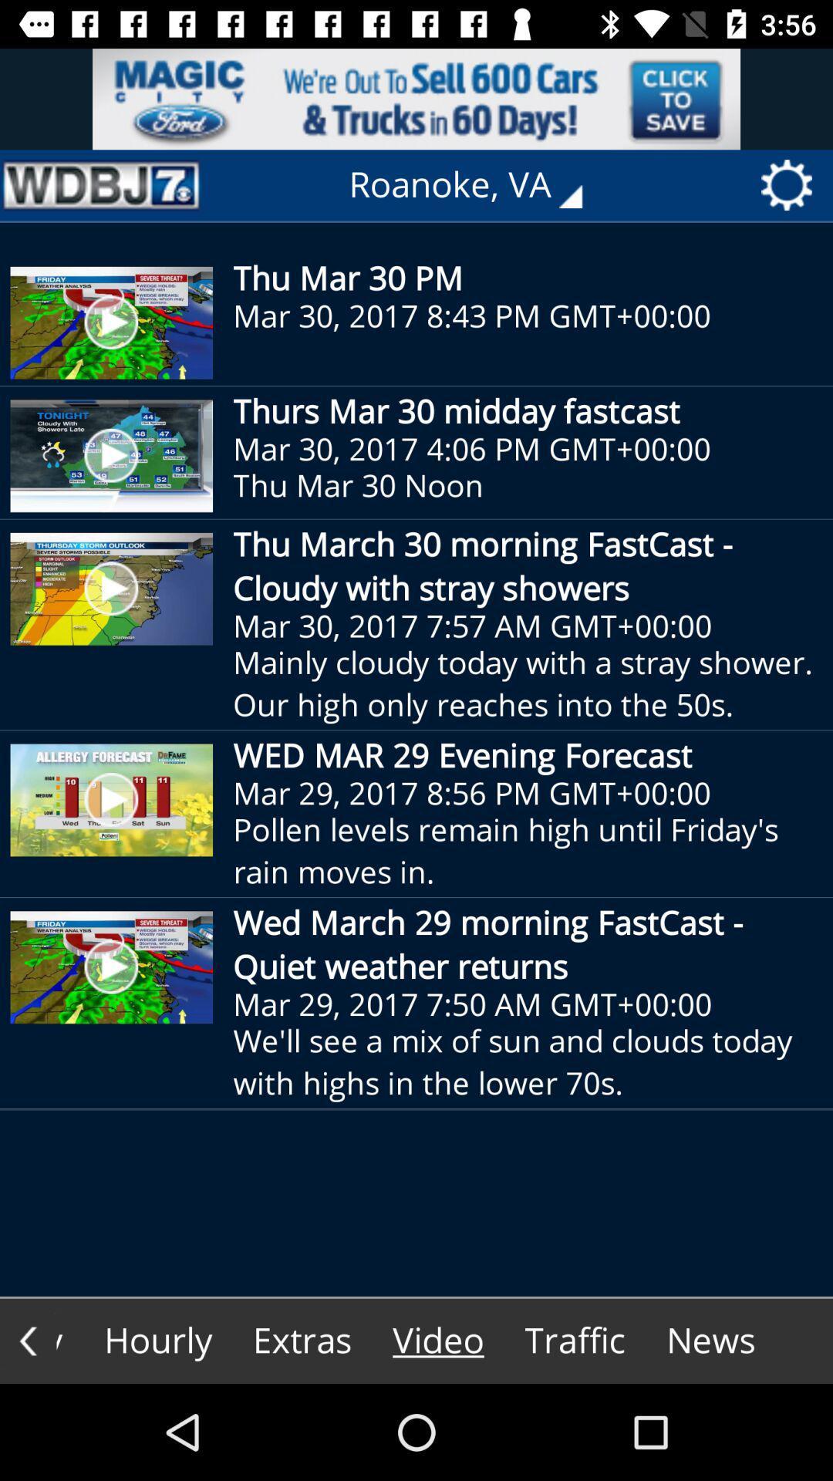 This screenshot has height=1481, width=833. I want to click on roanoke, va item, so click(476, 185).